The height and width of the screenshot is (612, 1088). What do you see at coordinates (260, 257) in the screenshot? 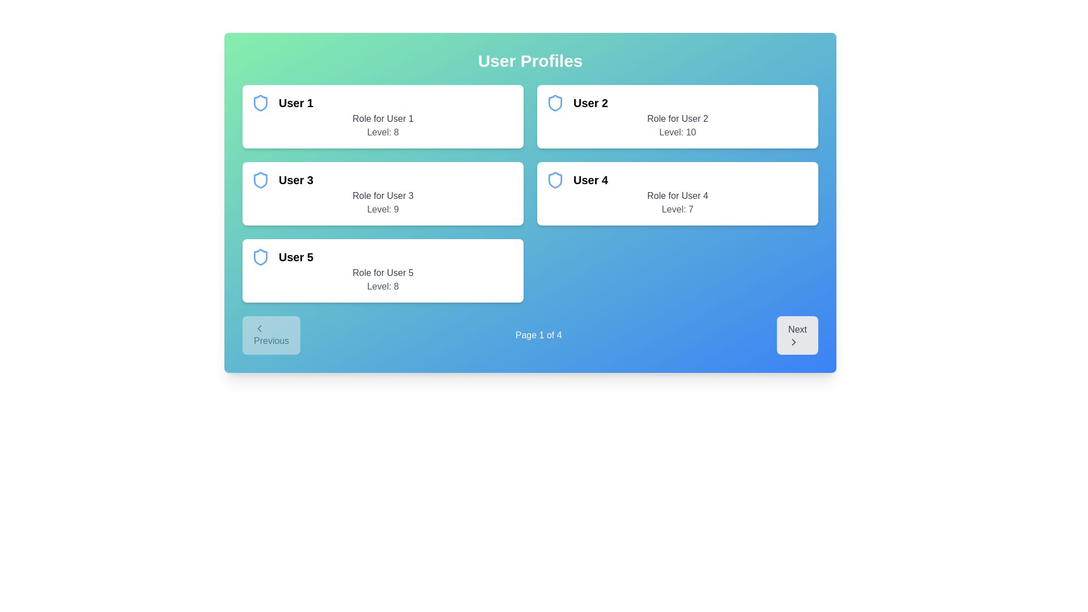
I see `the shield icon with a gradient blue color located within the 'User 5' card, positioned to the left of the text 'User 5'` at bounding box center [260, 257].